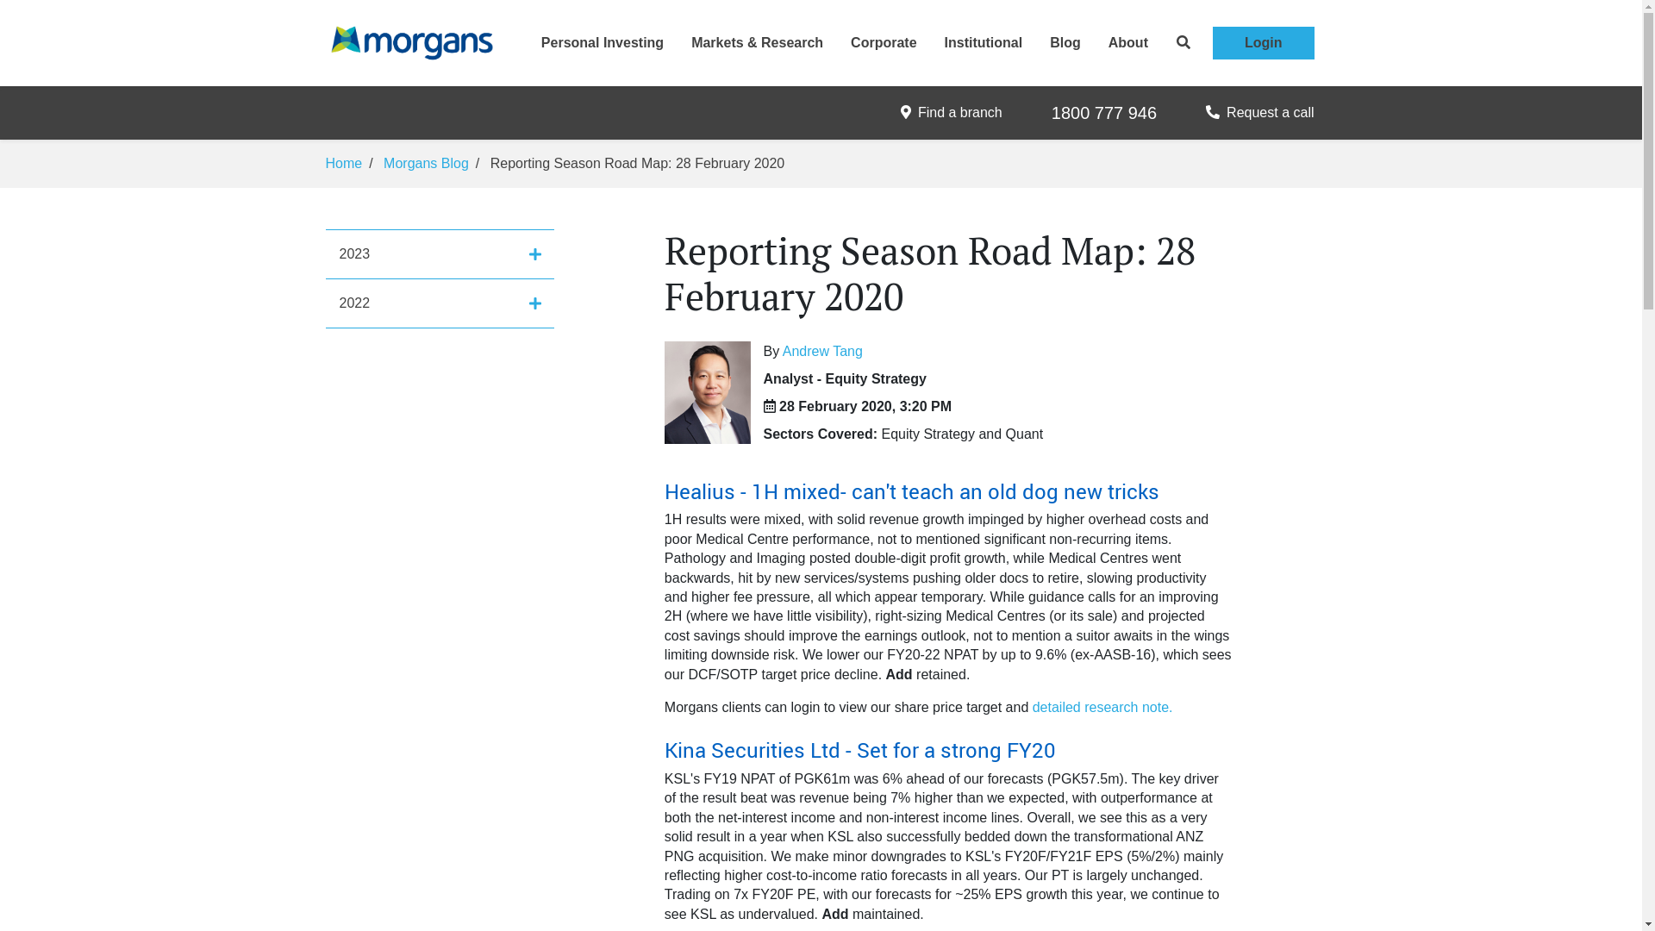 This screenshot has height=931, width=1655. What do you see at coordinates (951, 113) in the screenshot?
I see `'Find a branch'` at bounding box center [951, 113].